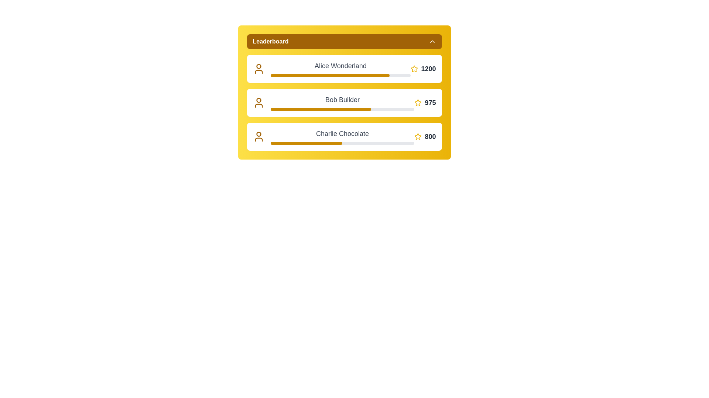  Describe the element at coordinates (258, 105) in the screenshot. I see `the user profile icon representing 'Bob Builder' in the second row of the leaderboard` at that location.